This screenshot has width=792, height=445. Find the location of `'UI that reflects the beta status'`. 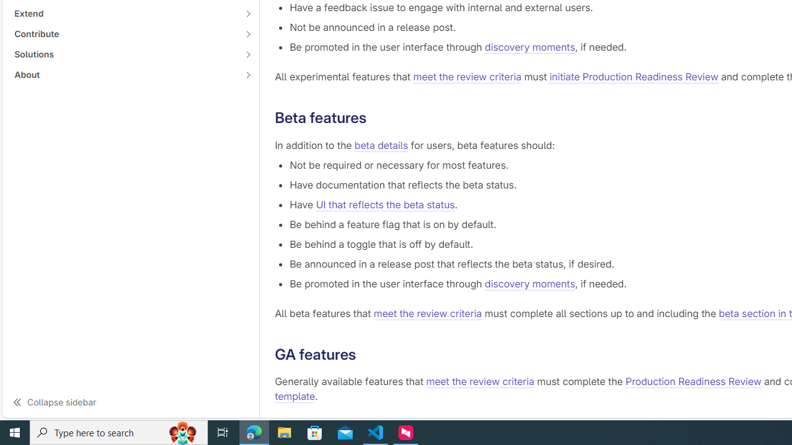

'UI that reflects the beta status' is located at coordinates (384, 203).